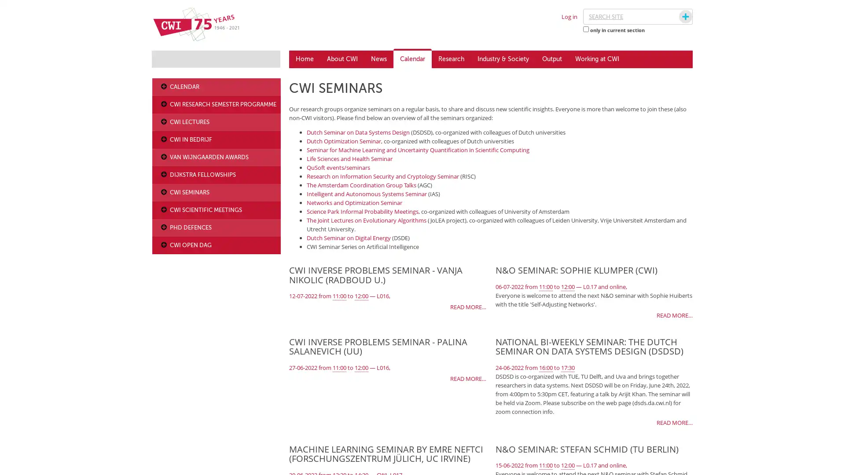  I want to click on Search, so click(677, 17).